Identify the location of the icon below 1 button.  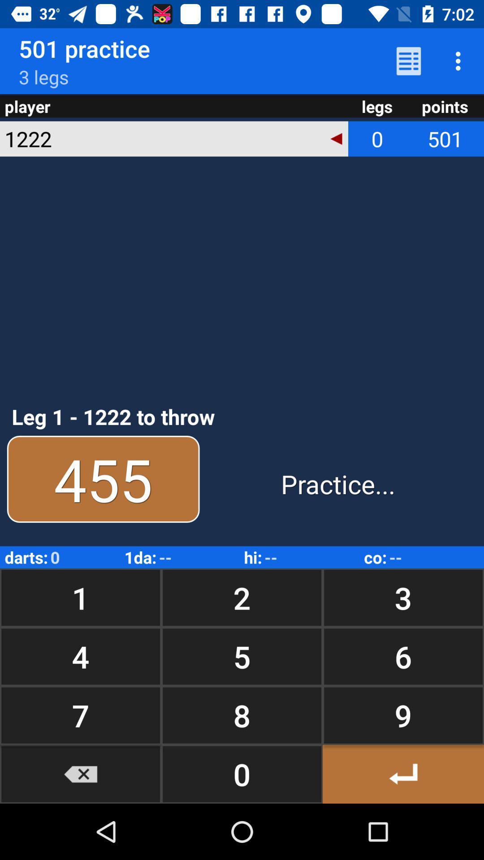
(242, 656).